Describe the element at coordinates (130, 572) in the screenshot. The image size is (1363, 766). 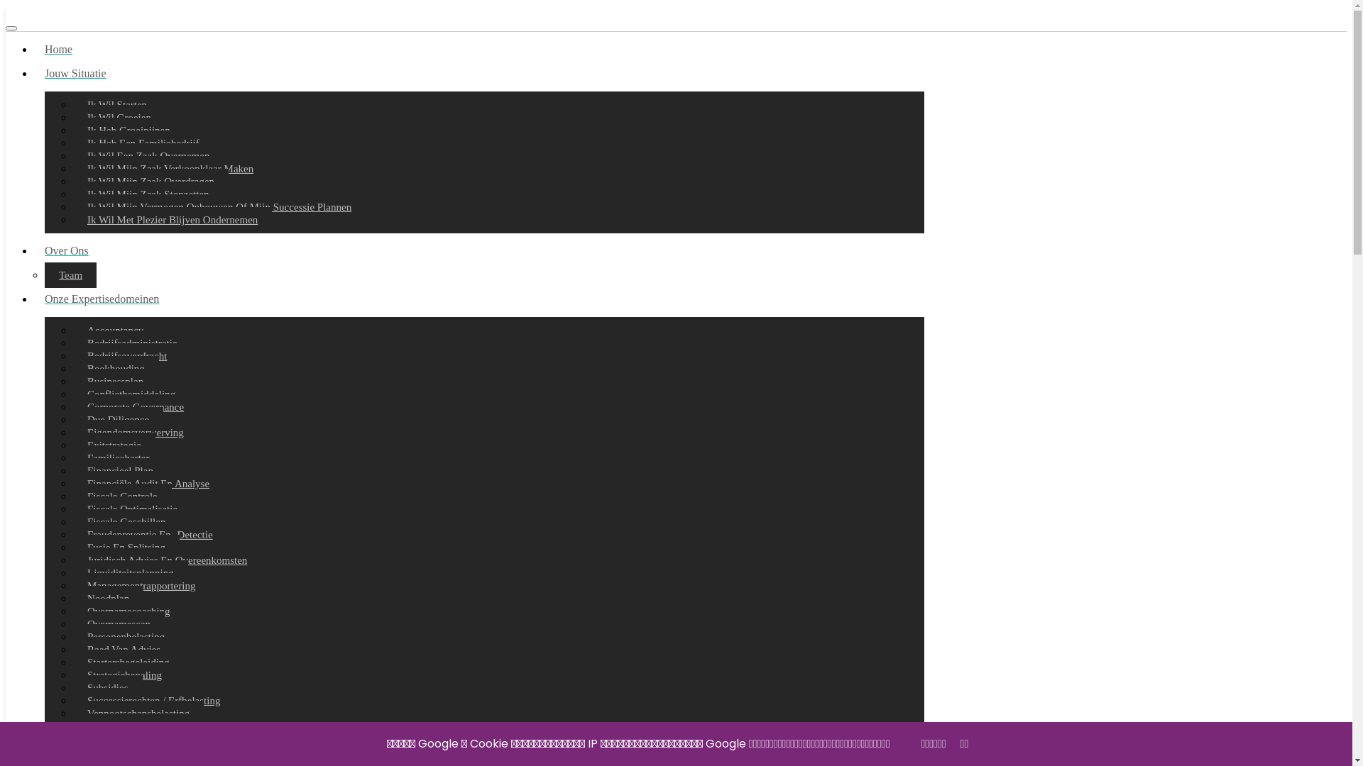
I see `'Liquiditeitsplanning'` at that location.